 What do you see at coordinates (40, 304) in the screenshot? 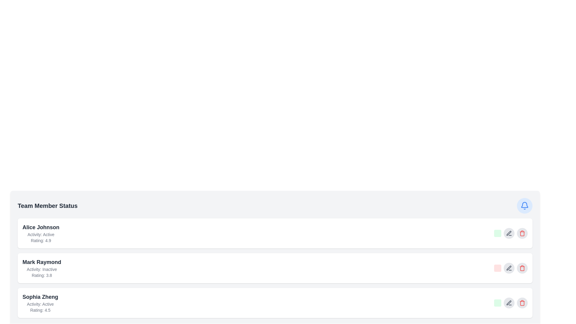
I see `the text label displaying 'Activity: Active' for the person 'Sophia Zheng', which is styled in small gray font and located below her name in the 'Team Member Status' panel` at bounding box center [40, 304].